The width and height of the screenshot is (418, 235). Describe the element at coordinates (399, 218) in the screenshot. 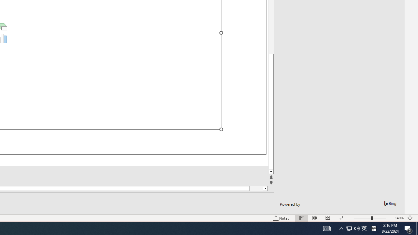

I see `'Zoom 140%'` at that location.